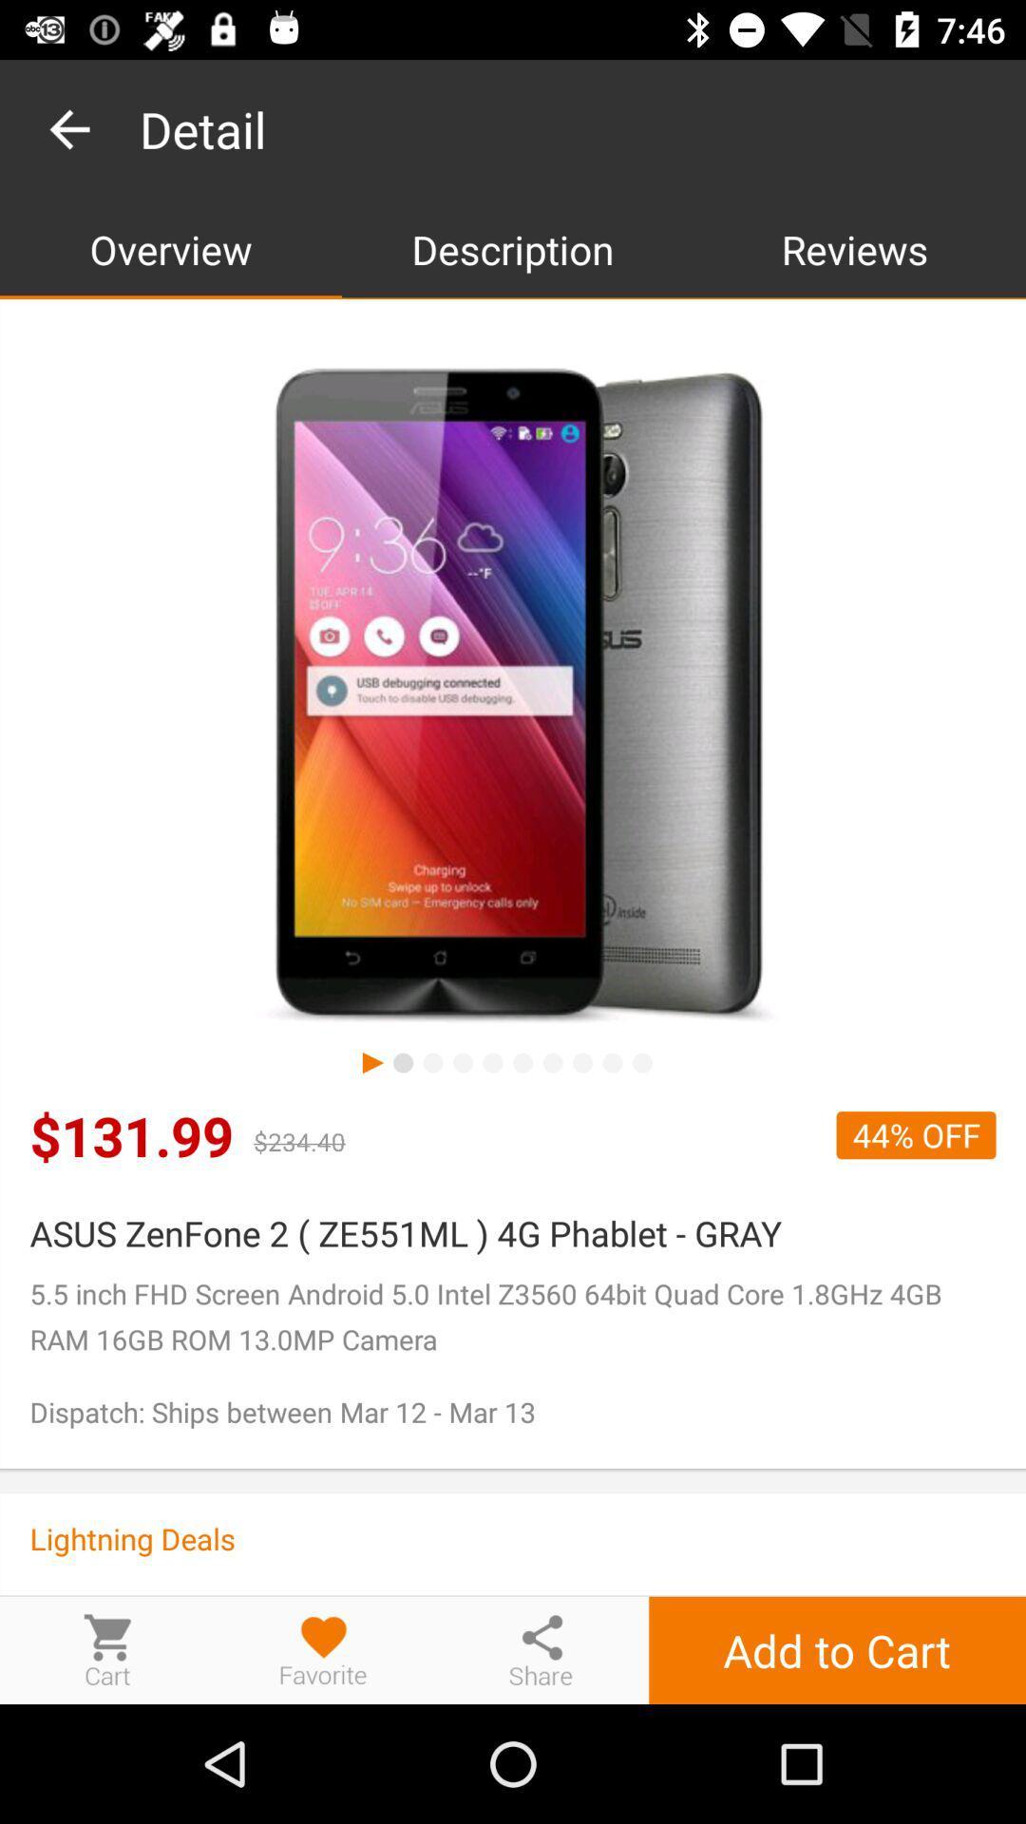  What do you see at coordinates (853, 248) in the screenshot?
I see `reviews app` at bounding box center [853, 248].